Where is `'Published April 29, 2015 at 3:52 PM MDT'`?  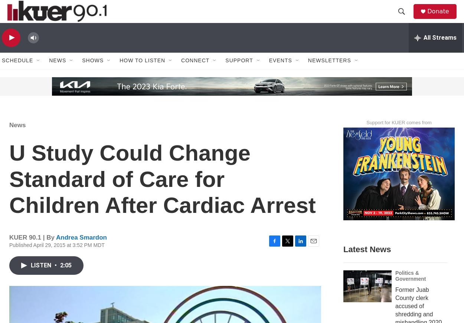
'Published April 29, 2015 at 3:52 PM MDT' is located at coordinates (57, 261).